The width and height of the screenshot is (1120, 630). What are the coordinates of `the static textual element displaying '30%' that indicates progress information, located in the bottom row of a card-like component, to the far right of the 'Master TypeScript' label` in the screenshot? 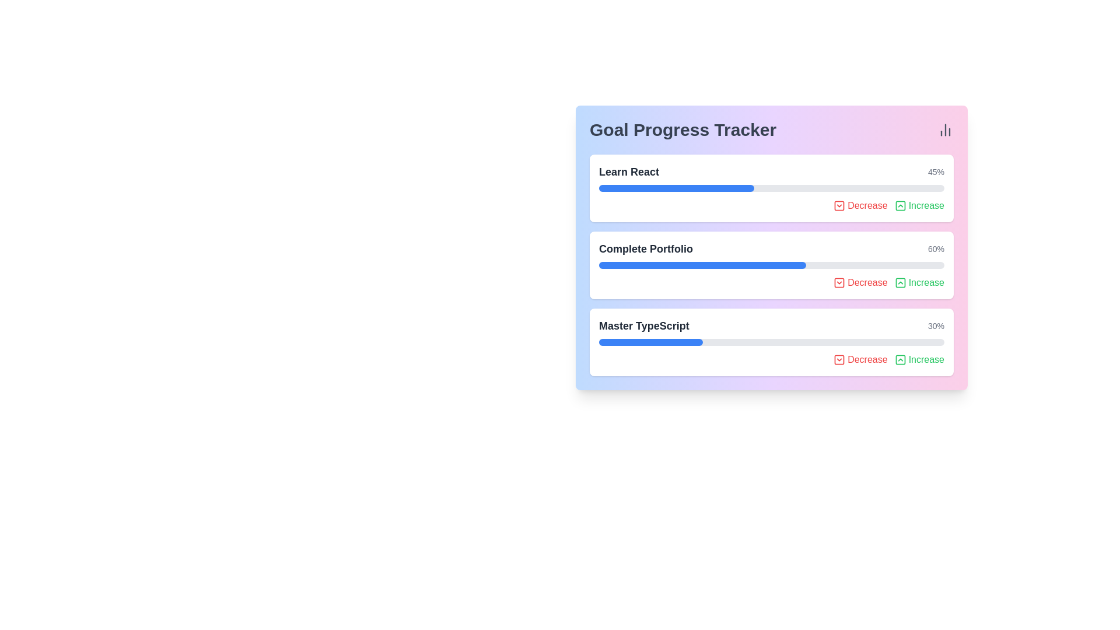 It's located at (936, 326).